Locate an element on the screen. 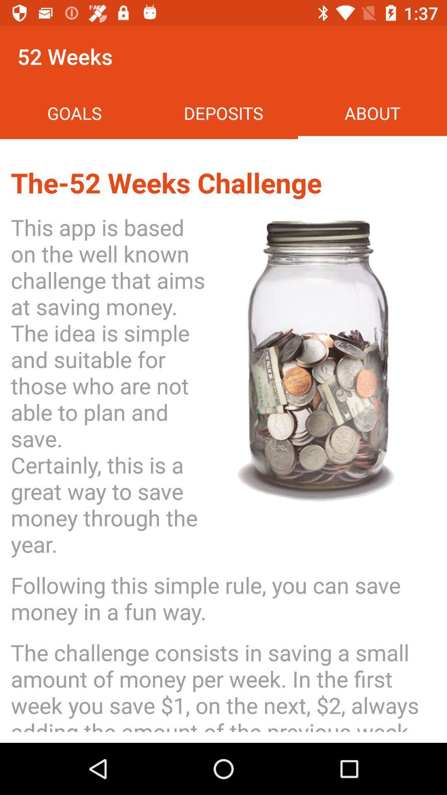 This screenshot has height=795, width=447. goals icon is located at coordinates (74, 113).